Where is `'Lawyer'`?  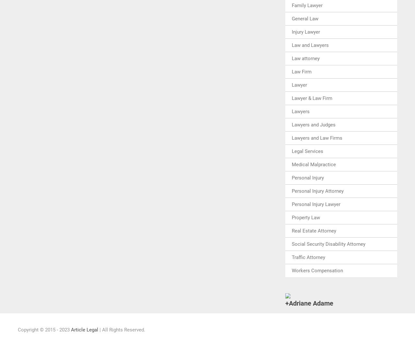 'Lawyer' is located at coordinates (291, 84).